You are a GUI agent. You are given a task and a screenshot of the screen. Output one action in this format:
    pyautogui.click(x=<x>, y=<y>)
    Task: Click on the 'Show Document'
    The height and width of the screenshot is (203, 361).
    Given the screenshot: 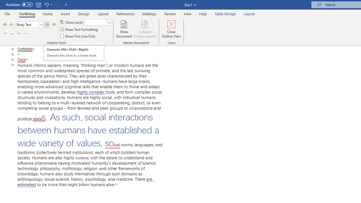 What is the action you would take?
    pyautogui.click(x=124, y=29)
    